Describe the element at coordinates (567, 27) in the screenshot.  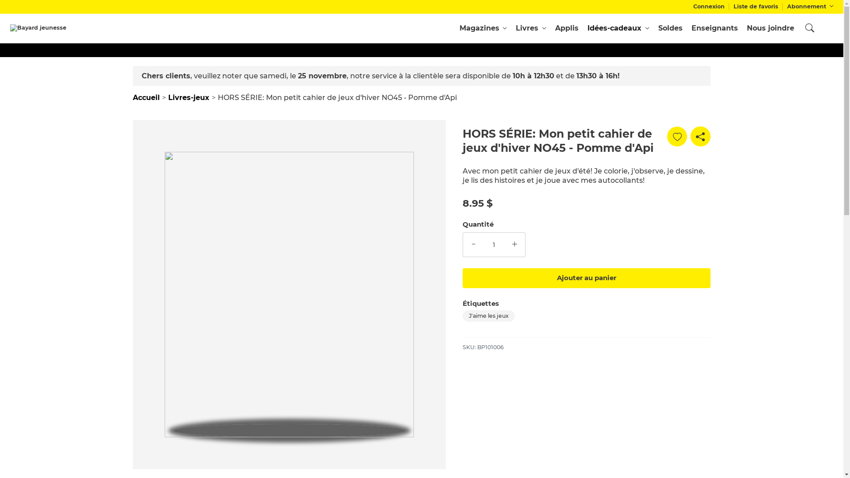
I see `'Applis'` at that location.